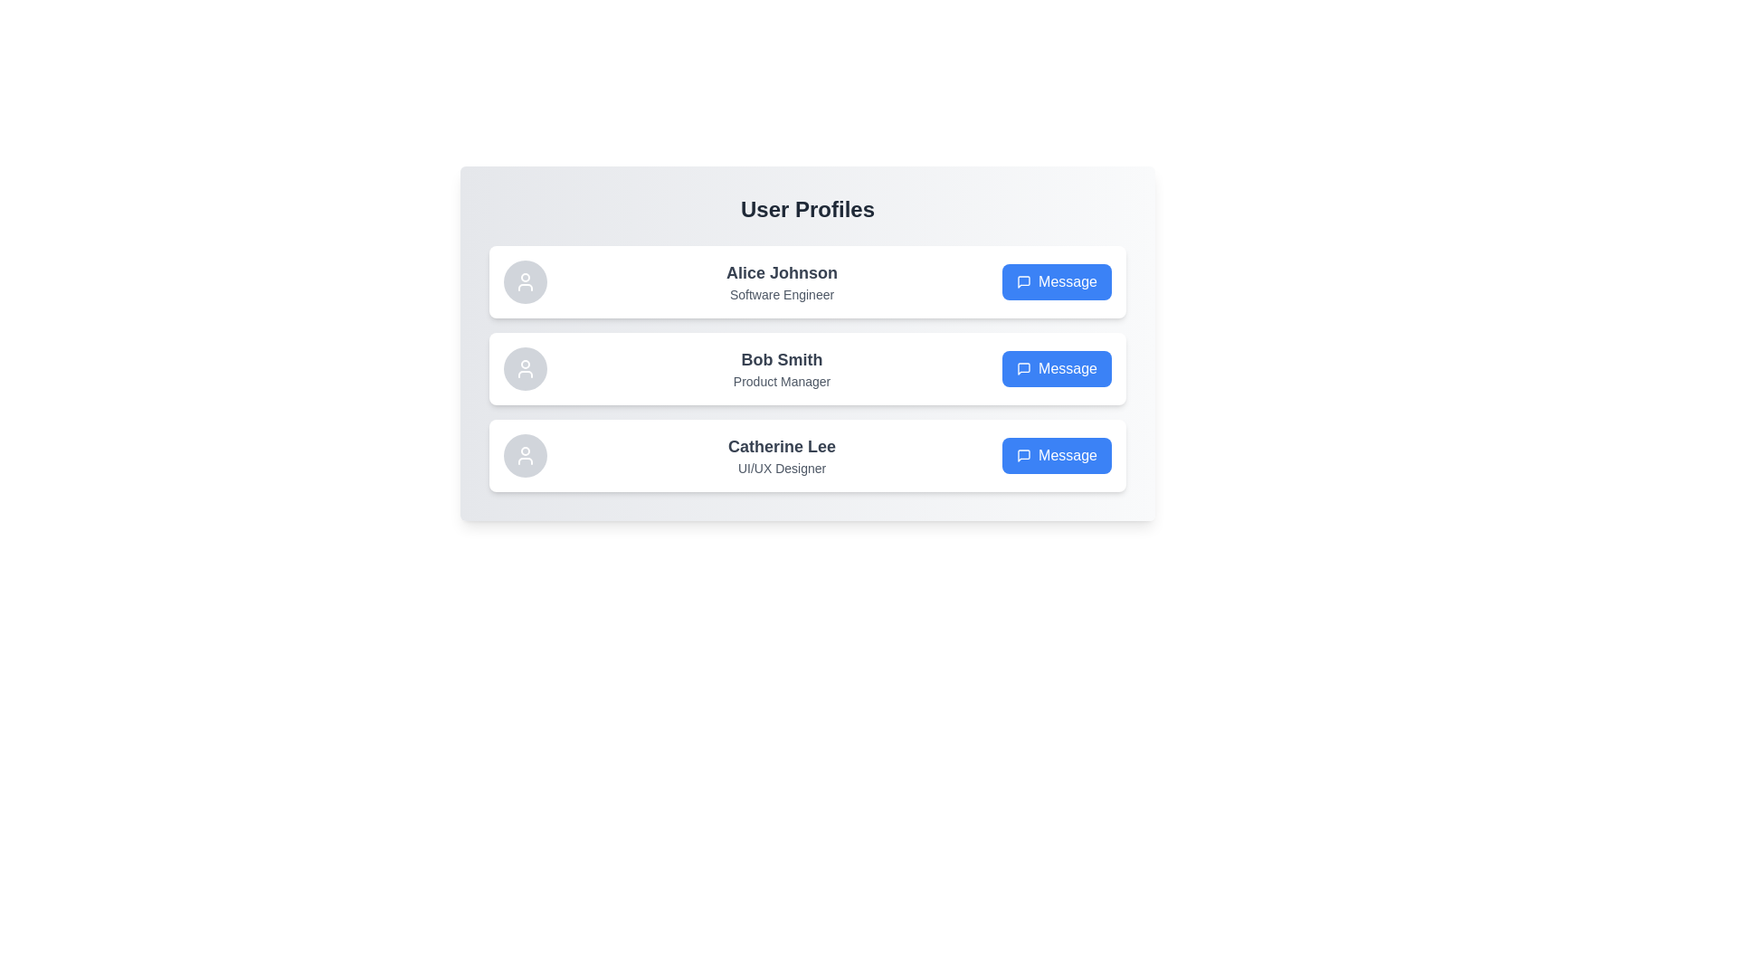  Describe the element at coordinates (782, 294) in the screenshot. I see `the text of Software Engineer to select it` at that location.